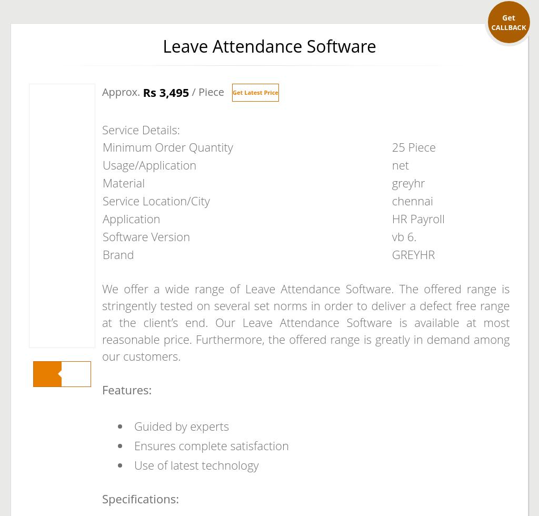  What do you see at coordinates (254, 92) in the screenshot?
I see `'Get Latest Price'` at bounding box center [254, 92].